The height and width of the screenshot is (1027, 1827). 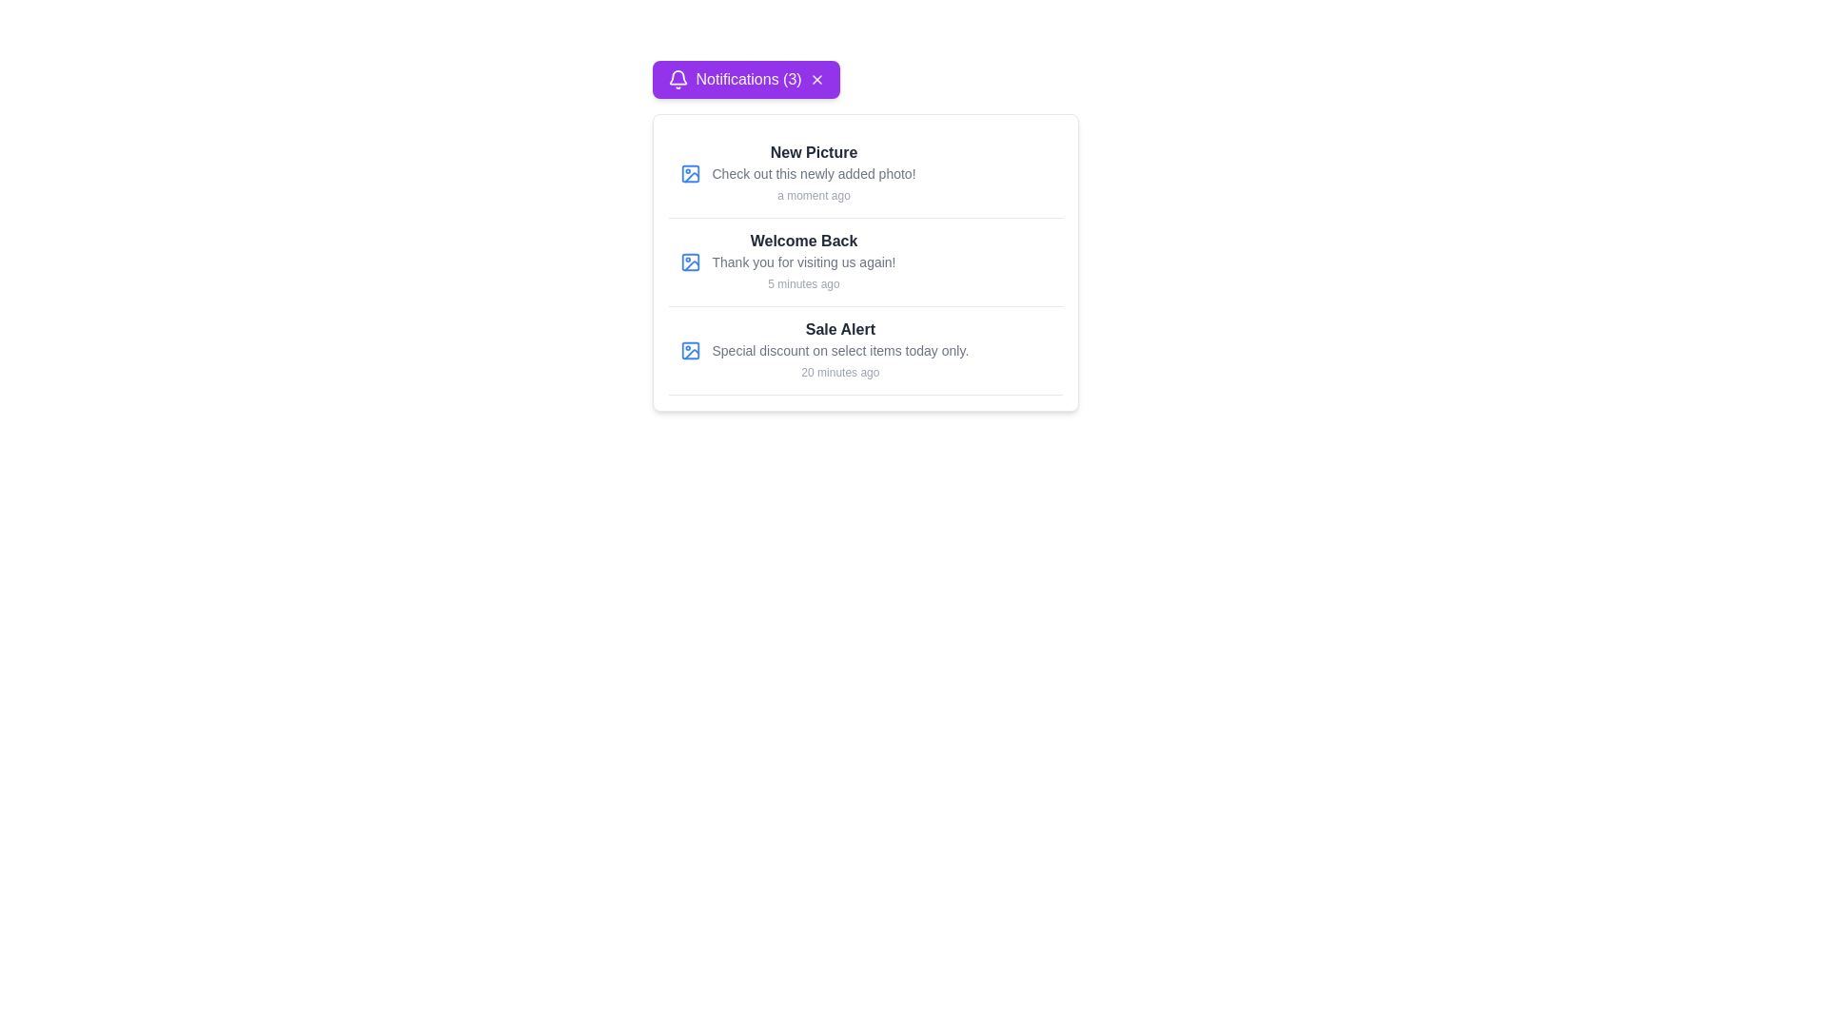 What do you see at coordinates (689, 262) in the screenshot?
I see `the blue photo icon located to the left of the 'Welcome Back' text in the second item of the vertically stacked list within the notification panel` at bounding box center [689, 262].